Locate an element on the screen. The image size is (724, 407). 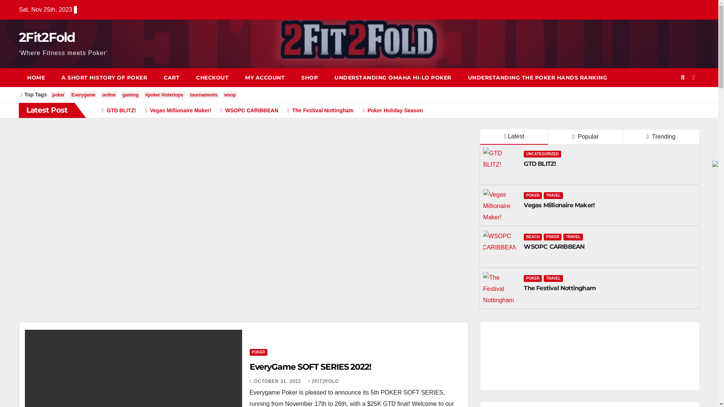
'tournaments' is located at coordinates (204, 94).